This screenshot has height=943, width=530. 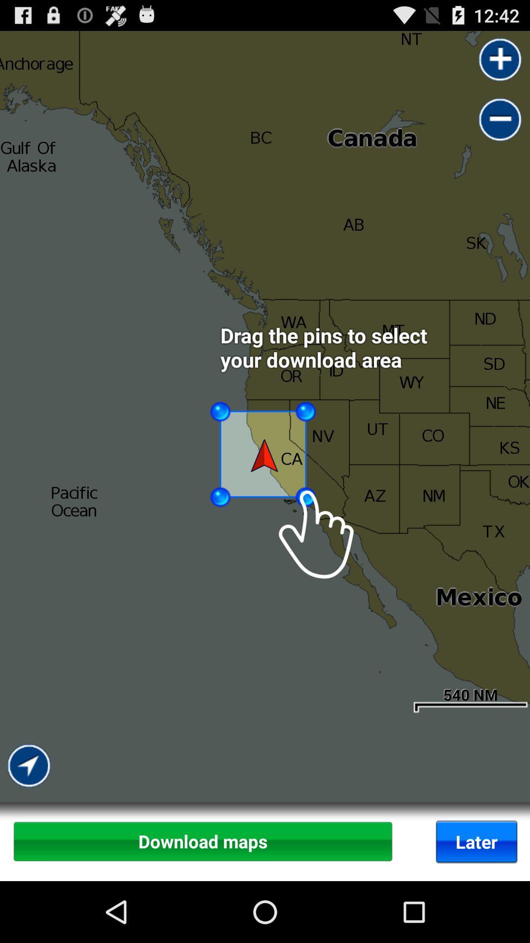 I want to click on the navigation icon, so click(x=29, y=836).